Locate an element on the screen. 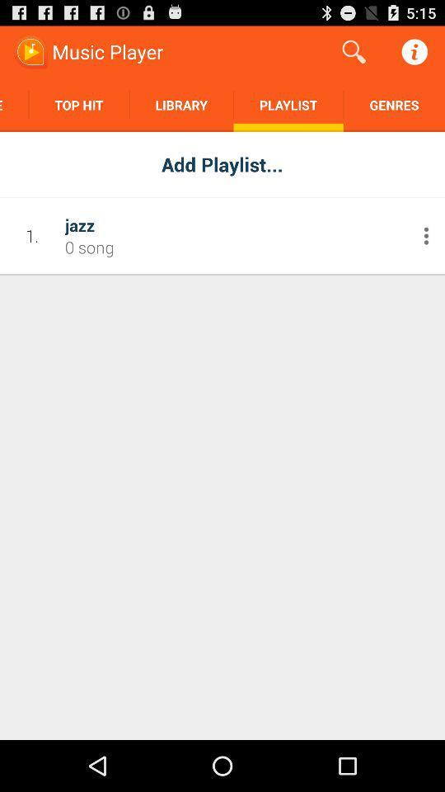  library is located at coordinates (180, 104).